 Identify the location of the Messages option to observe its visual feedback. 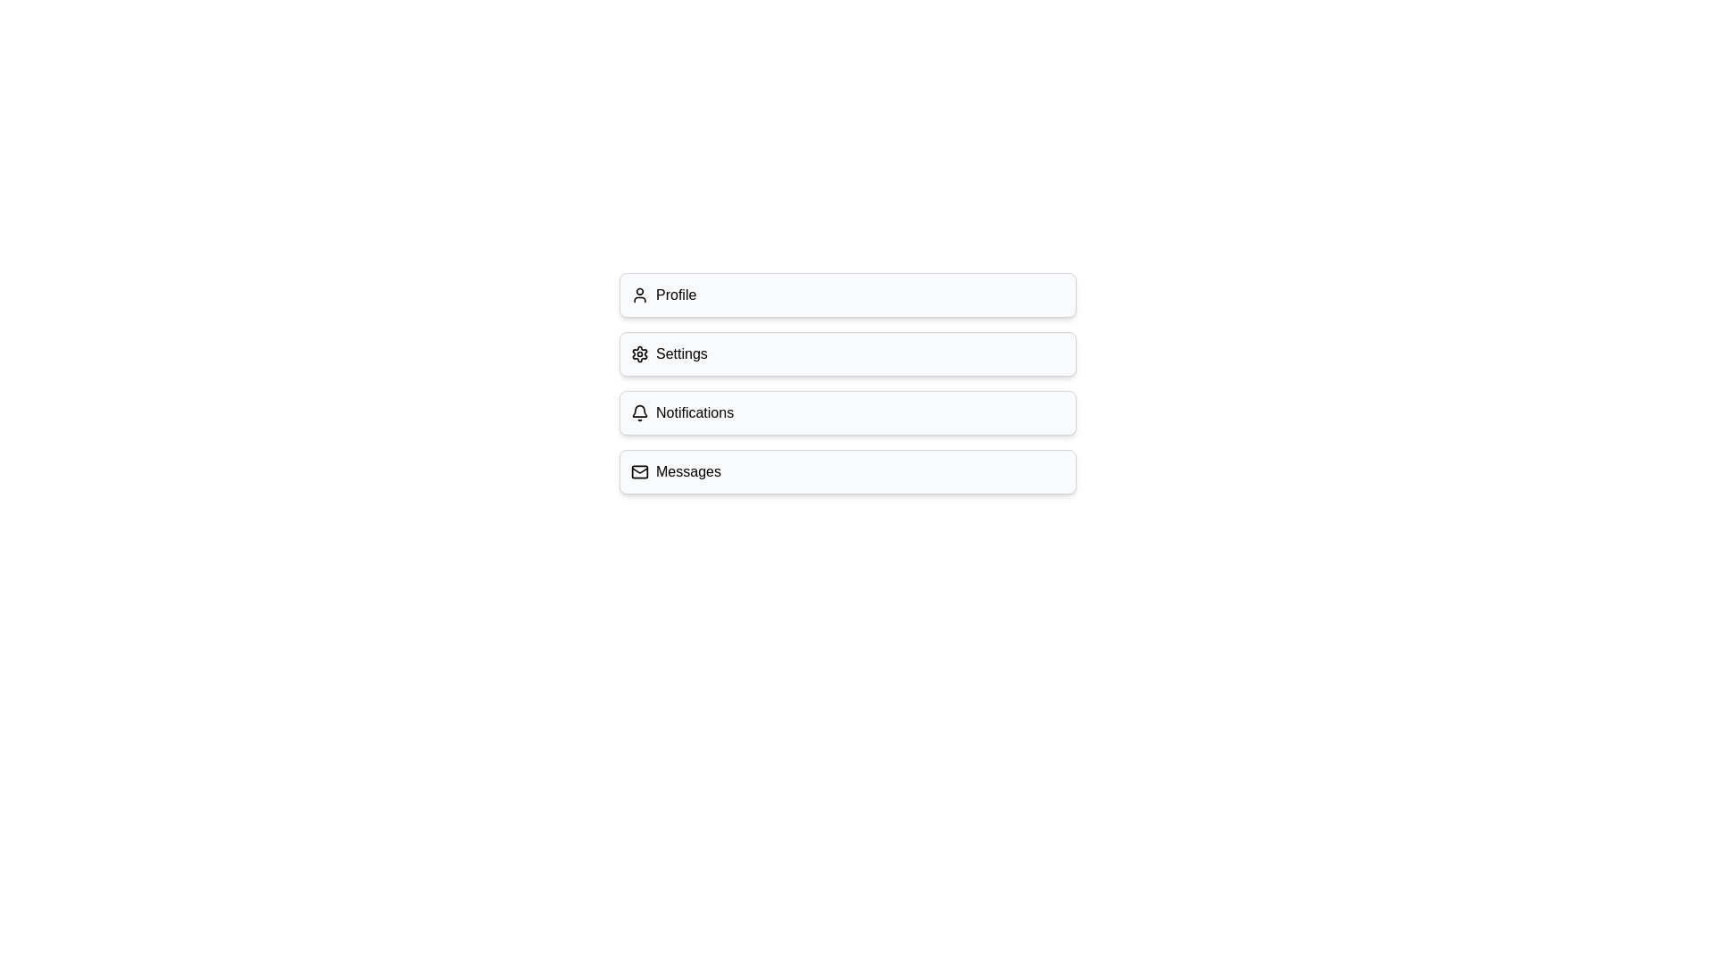
(847, 470).